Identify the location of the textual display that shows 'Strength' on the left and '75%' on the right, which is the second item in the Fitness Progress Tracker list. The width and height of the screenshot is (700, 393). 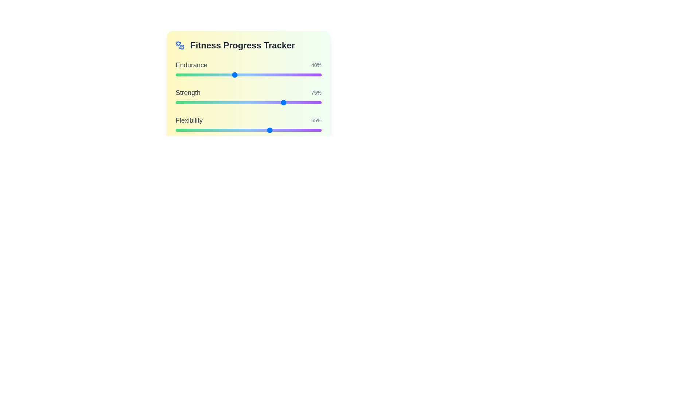
(248, 92).